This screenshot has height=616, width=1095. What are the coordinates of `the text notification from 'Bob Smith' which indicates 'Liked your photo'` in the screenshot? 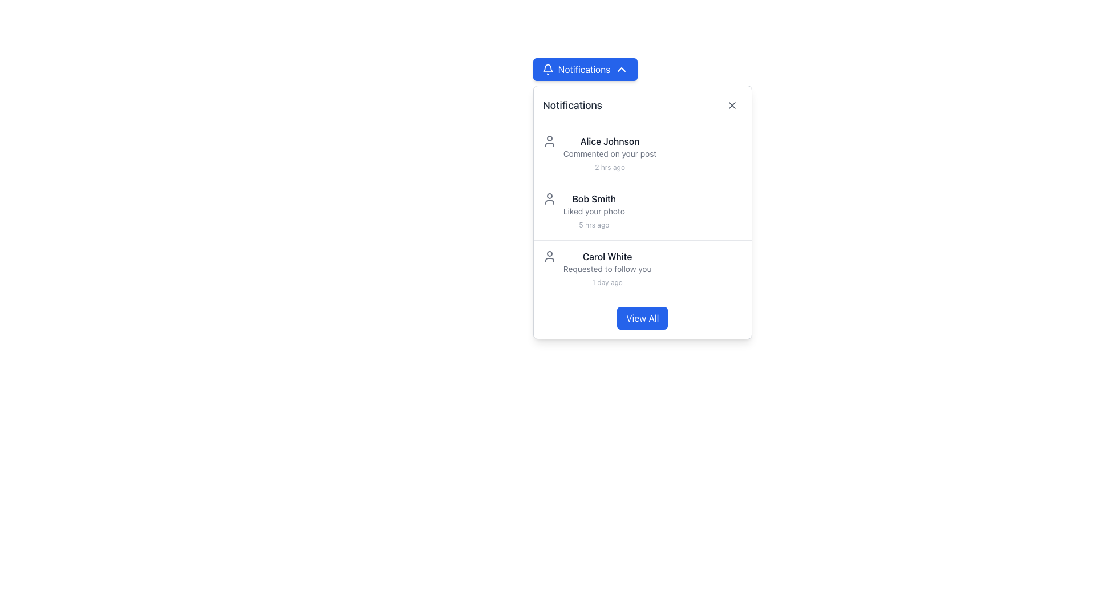 It's located at (593, 211).